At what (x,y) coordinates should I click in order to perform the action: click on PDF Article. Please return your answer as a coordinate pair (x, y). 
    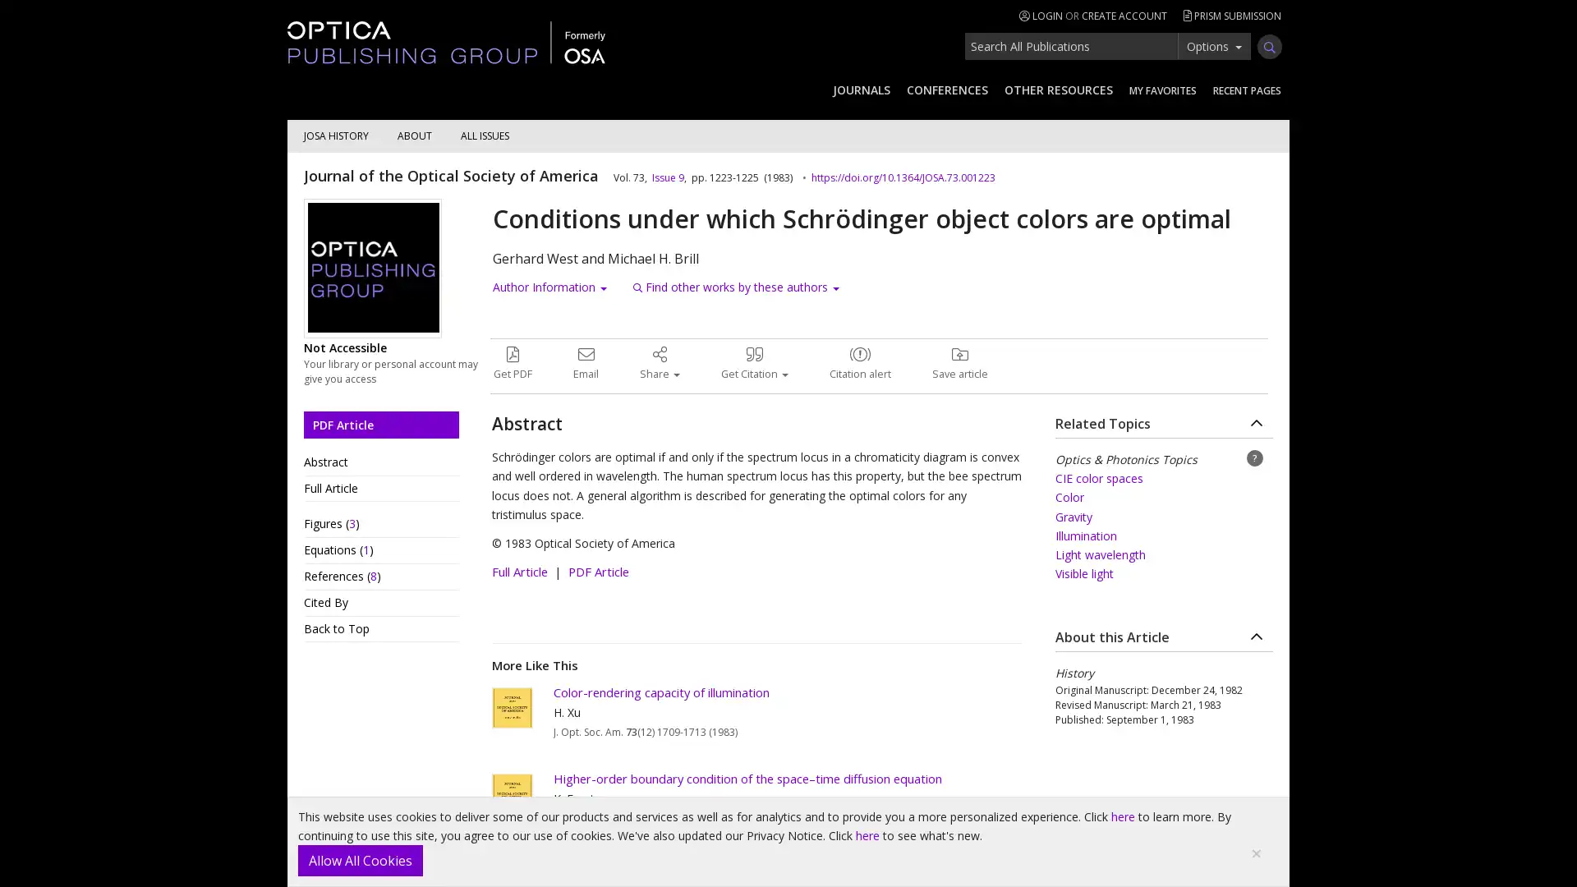
    Looking at the image, I should click on (380, 423).